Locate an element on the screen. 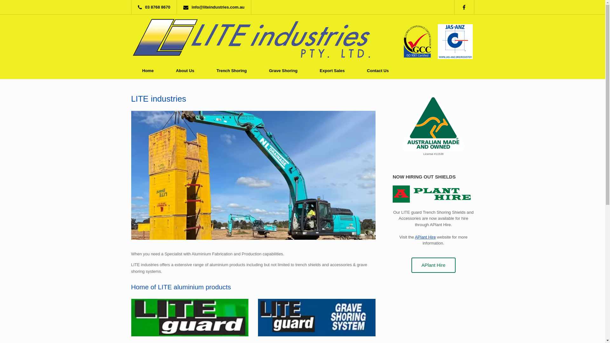  'Trench Shoring' is located at coordinates (231, 71).